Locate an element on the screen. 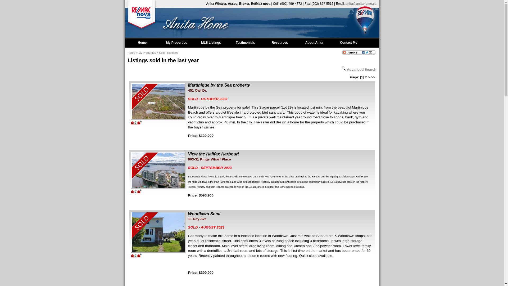 This screenshot has width=508, height=286. 'Resources' is located at coordinates (279, 42).